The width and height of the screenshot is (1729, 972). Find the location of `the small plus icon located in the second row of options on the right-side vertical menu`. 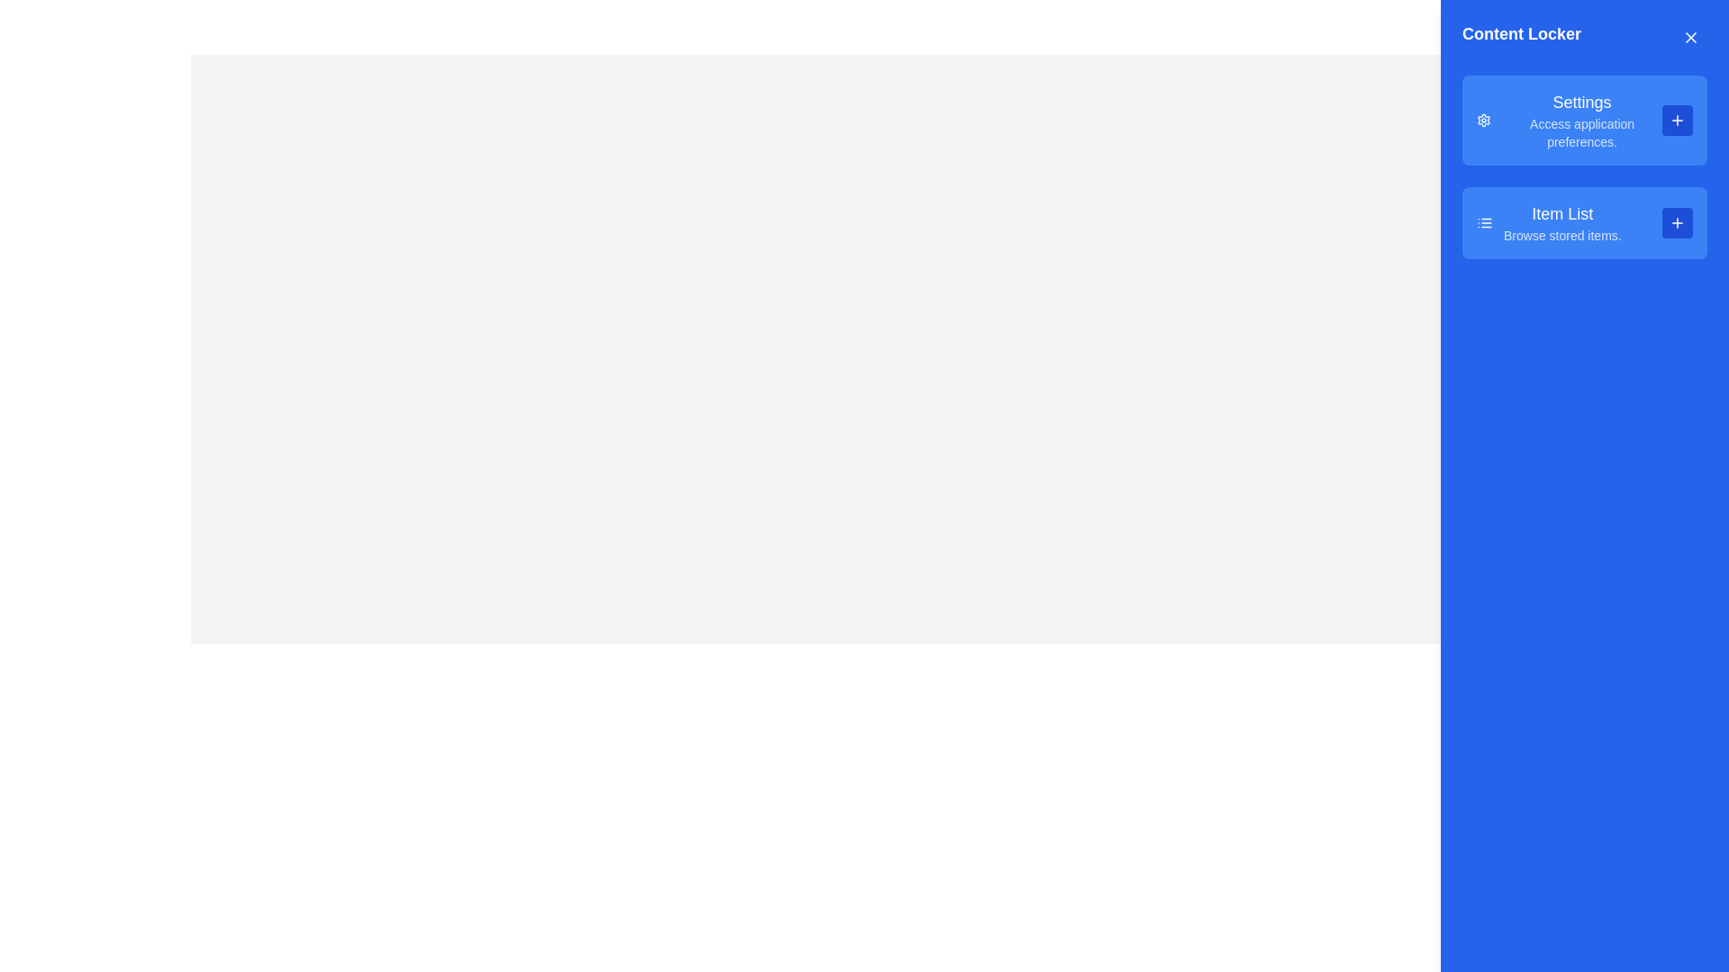

the small plus icon located in the second row of options on the right-side vertical menu is located at coordinates (1676, 221).